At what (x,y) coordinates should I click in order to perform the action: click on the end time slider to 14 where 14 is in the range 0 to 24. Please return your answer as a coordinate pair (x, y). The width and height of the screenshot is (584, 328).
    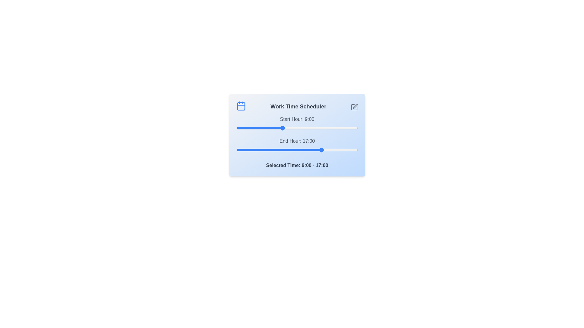
    Looking at the image, I should click on (307, 150).